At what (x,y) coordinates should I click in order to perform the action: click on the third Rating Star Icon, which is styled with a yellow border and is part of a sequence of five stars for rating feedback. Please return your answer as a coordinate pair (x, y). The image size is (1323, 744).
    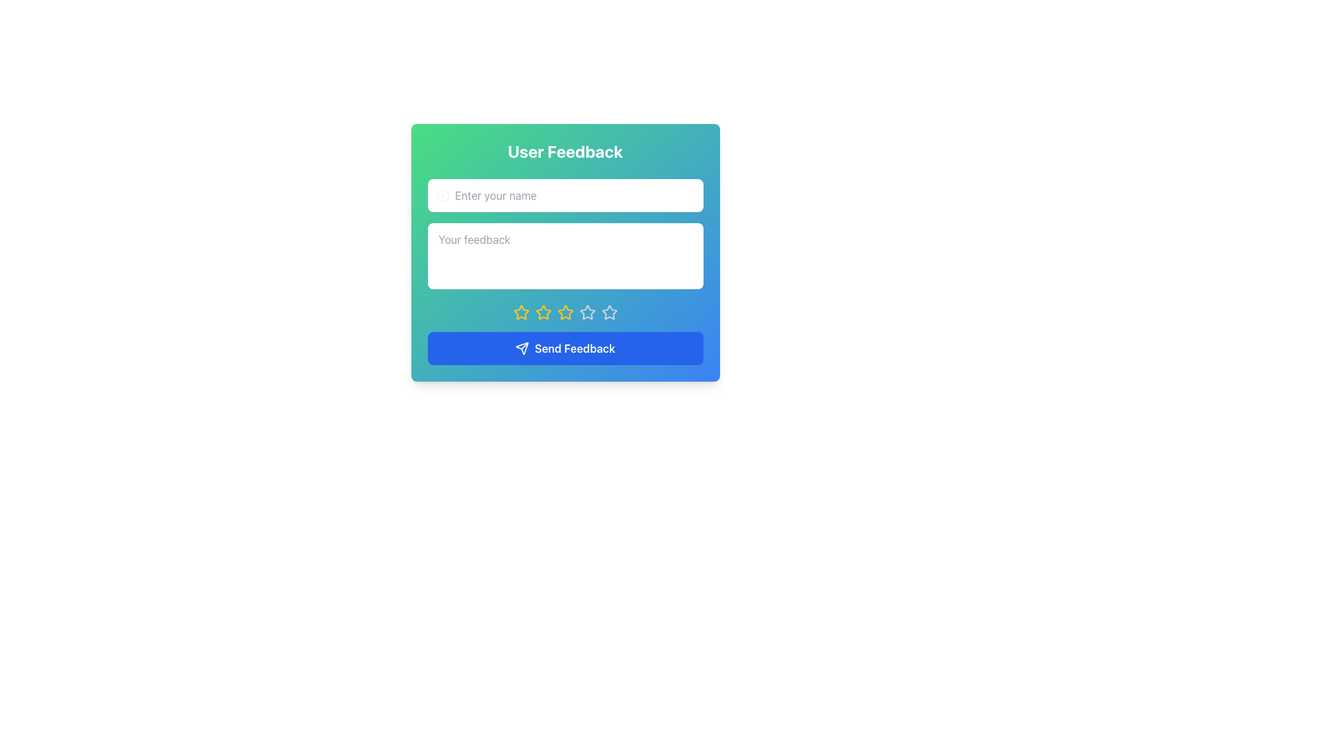
    Looking at the image, I should click on (565, 312).